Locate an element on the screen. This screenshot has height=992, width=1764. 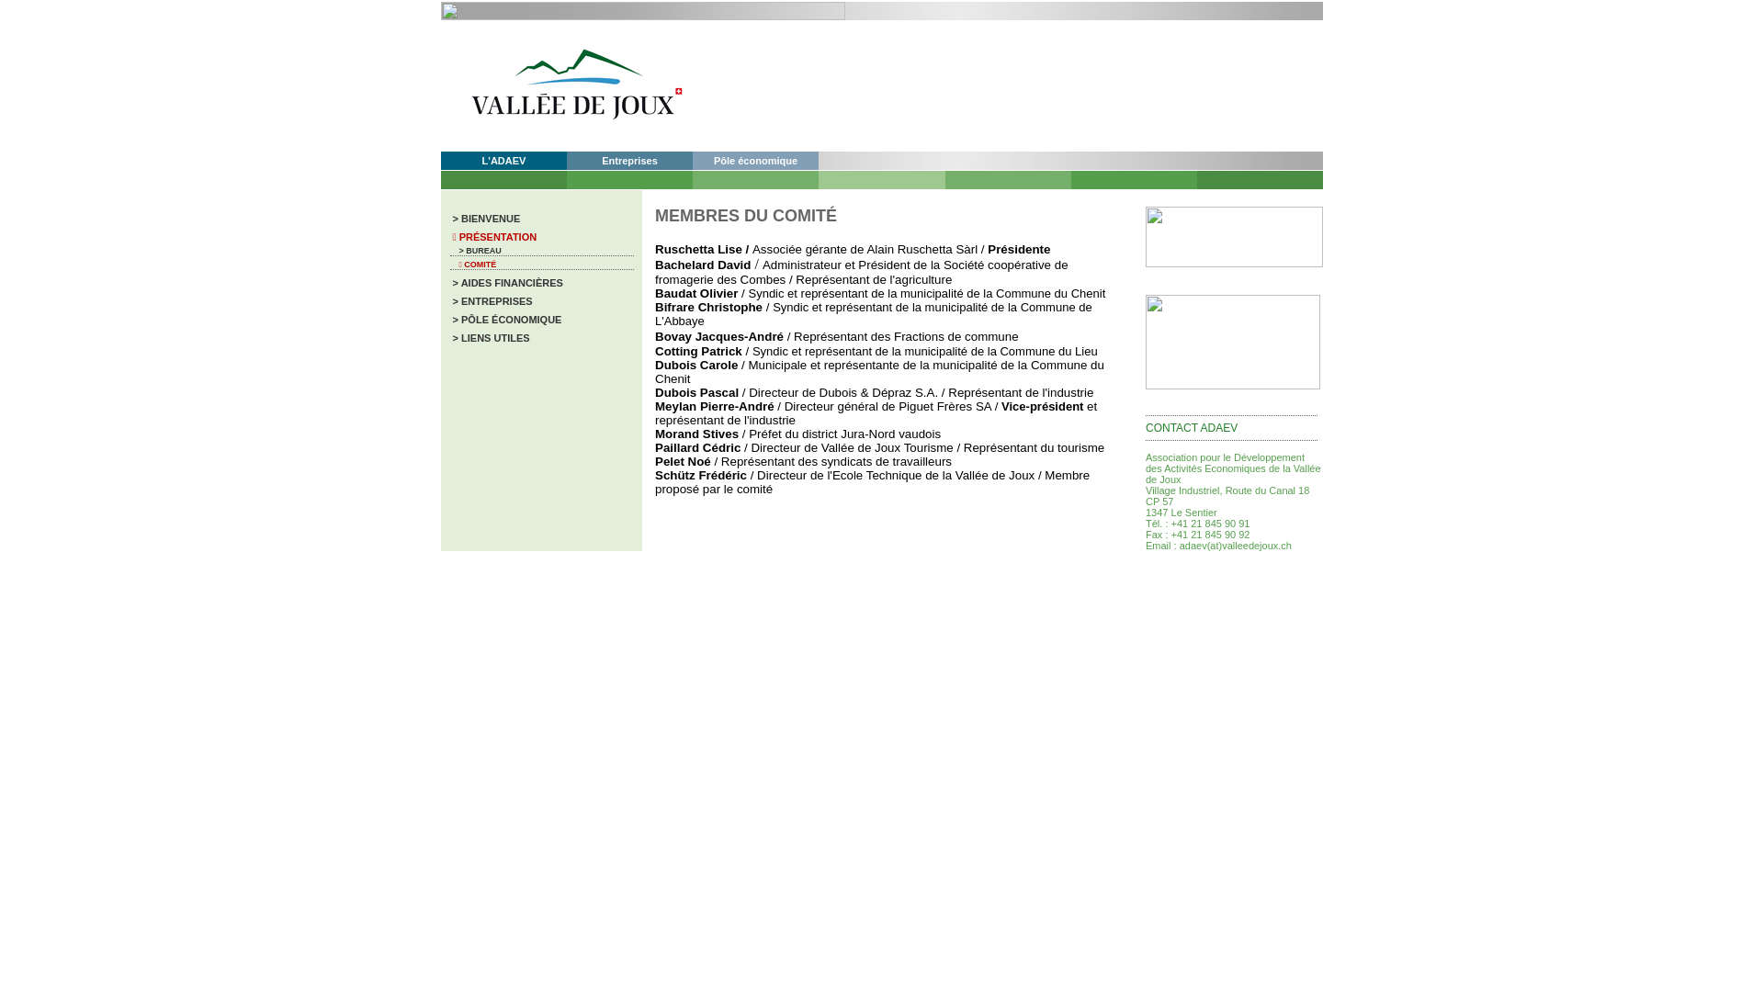
'Entreprises' is located at coordinates (629, 159).